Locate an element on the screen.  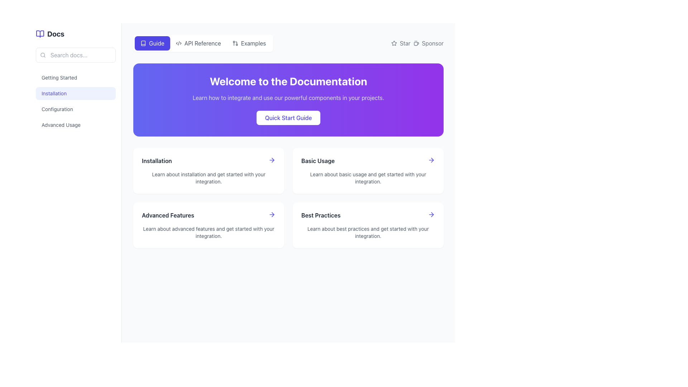
the open book icon, which is indigo in color and located to the left of the 'Docs' text label in the top-left area of the interface is located at coordinates (39, 34).